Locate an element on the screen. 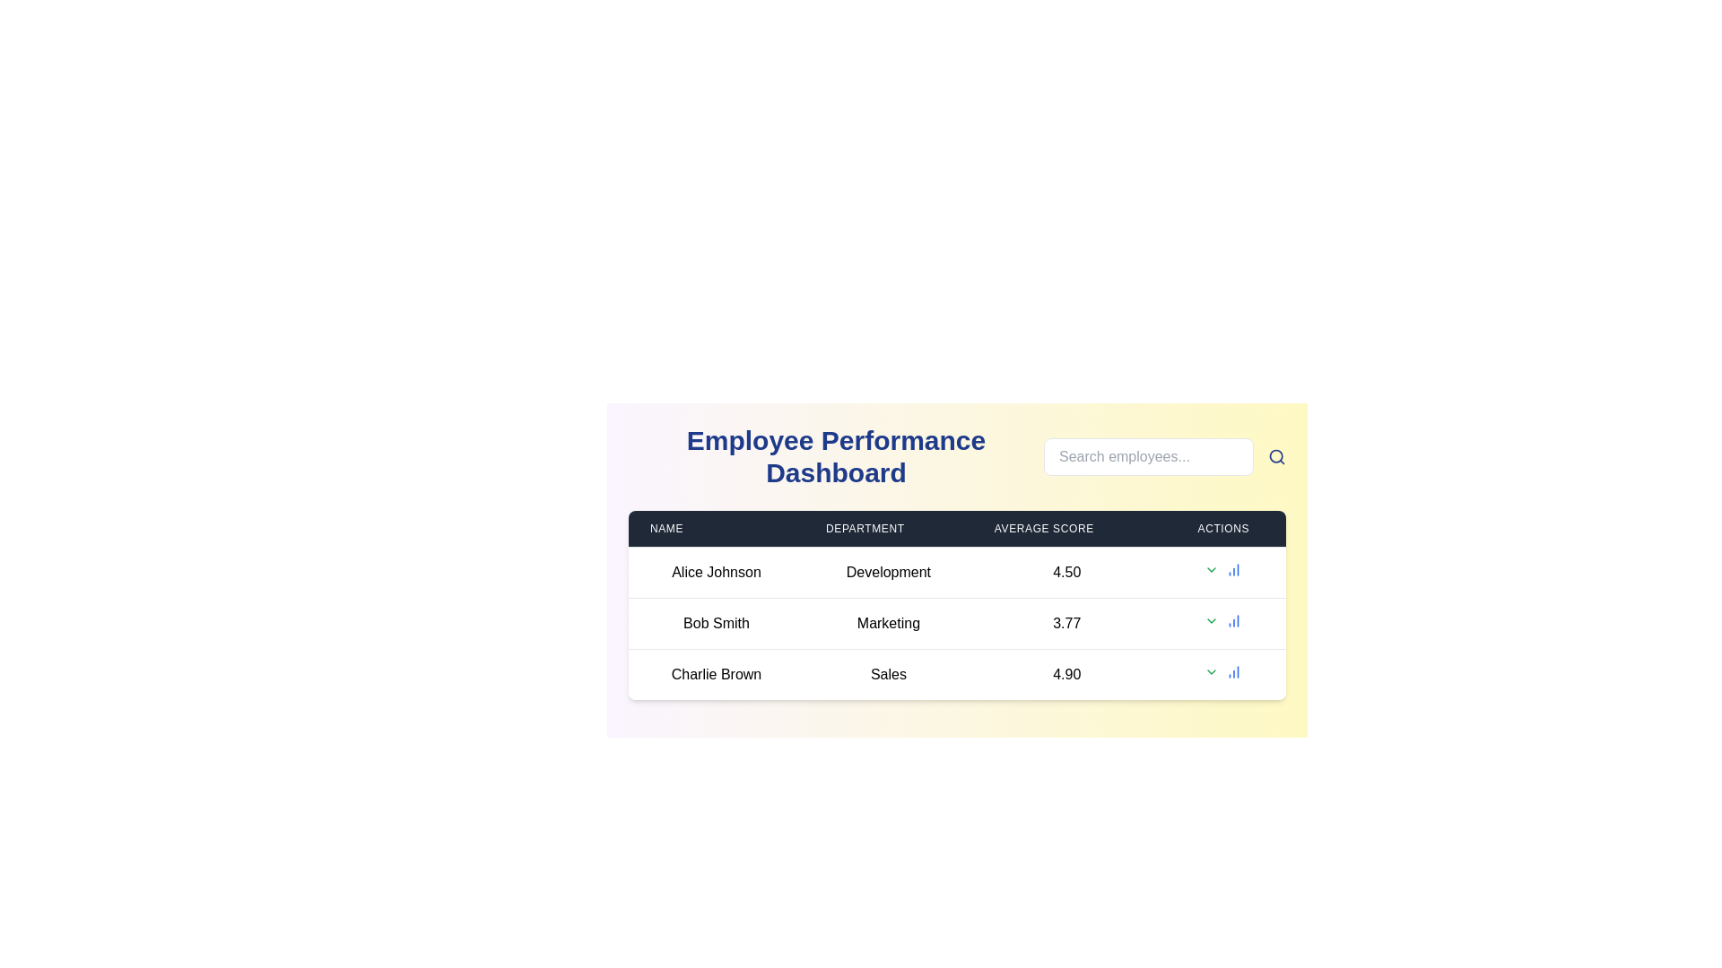 The width and height of the screenshot is (1722, 968). the icon group within the 'Actions' column of the last row of the table, which contains a green check mark and a blue bar chart icon is located at coordinates (1222, 671).